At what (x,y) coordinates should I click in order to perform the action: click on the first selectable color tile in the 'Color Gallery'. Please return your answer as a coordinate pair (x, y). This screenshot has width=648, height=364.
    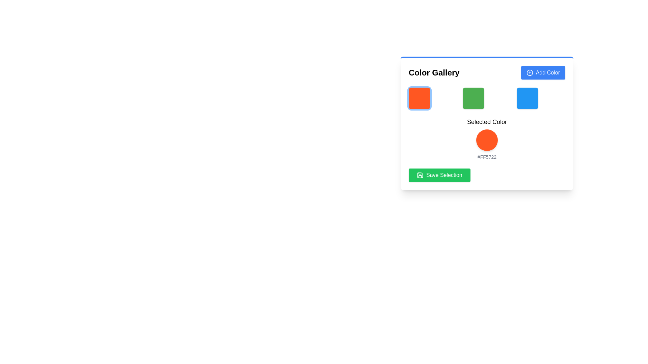
    Looking at the image, I should click on (419, 98).